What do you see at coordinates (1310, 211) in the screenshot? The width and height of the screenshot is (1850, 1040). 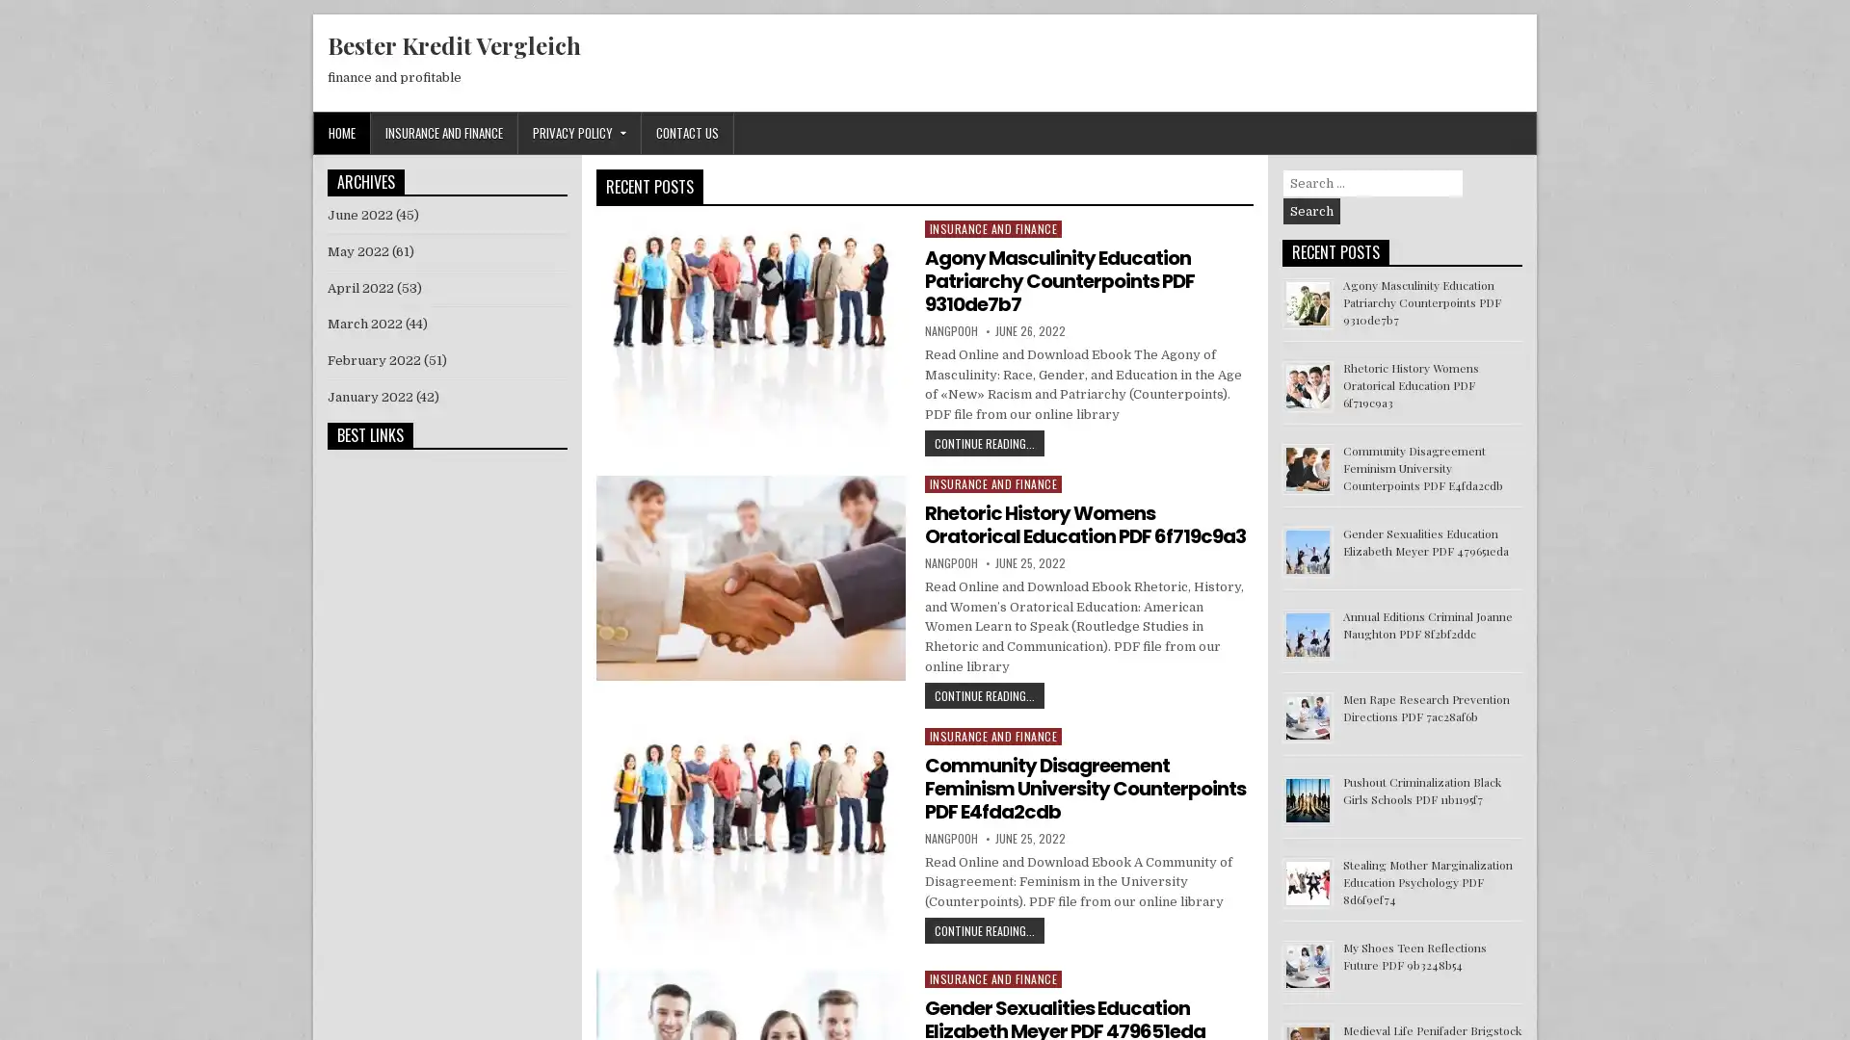 I see `Search` at bounding box center [1310, 211].